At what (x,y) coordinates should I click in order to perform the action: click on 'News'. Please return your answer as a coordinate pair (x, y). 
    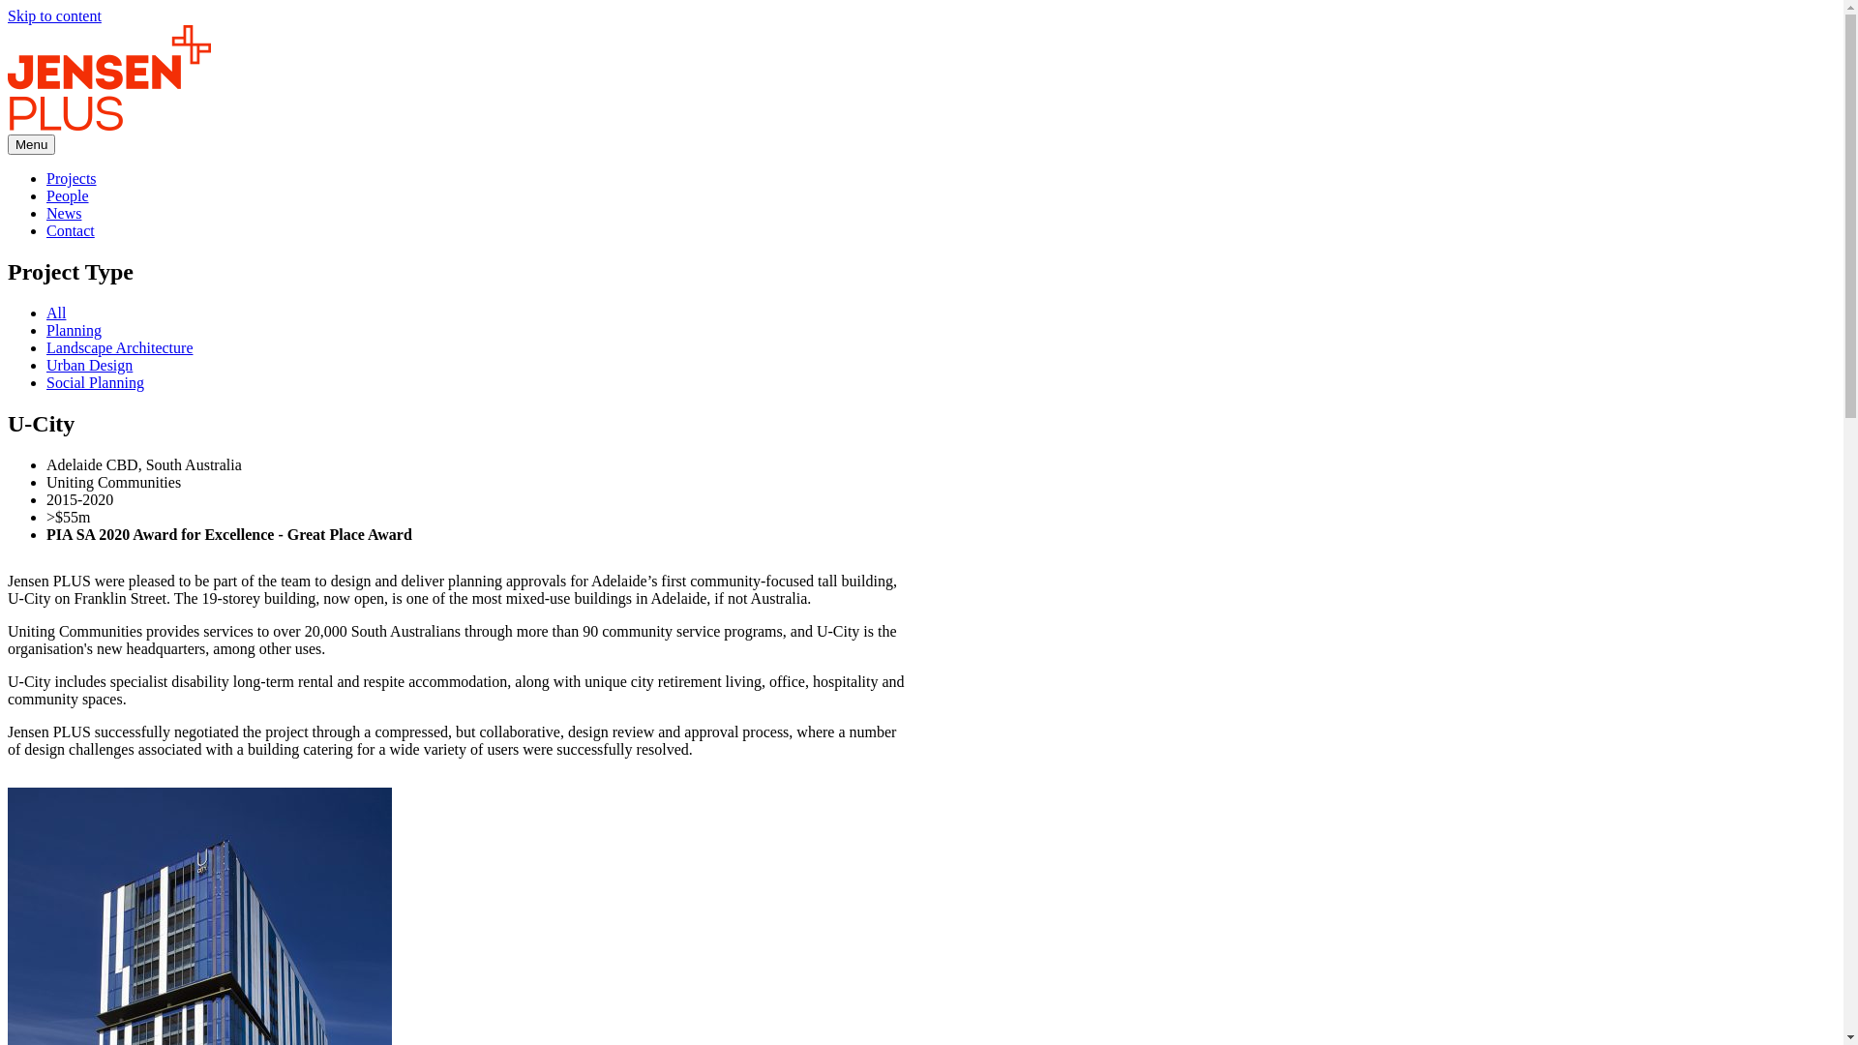
    Looking at the image, I should click on (46, 213).